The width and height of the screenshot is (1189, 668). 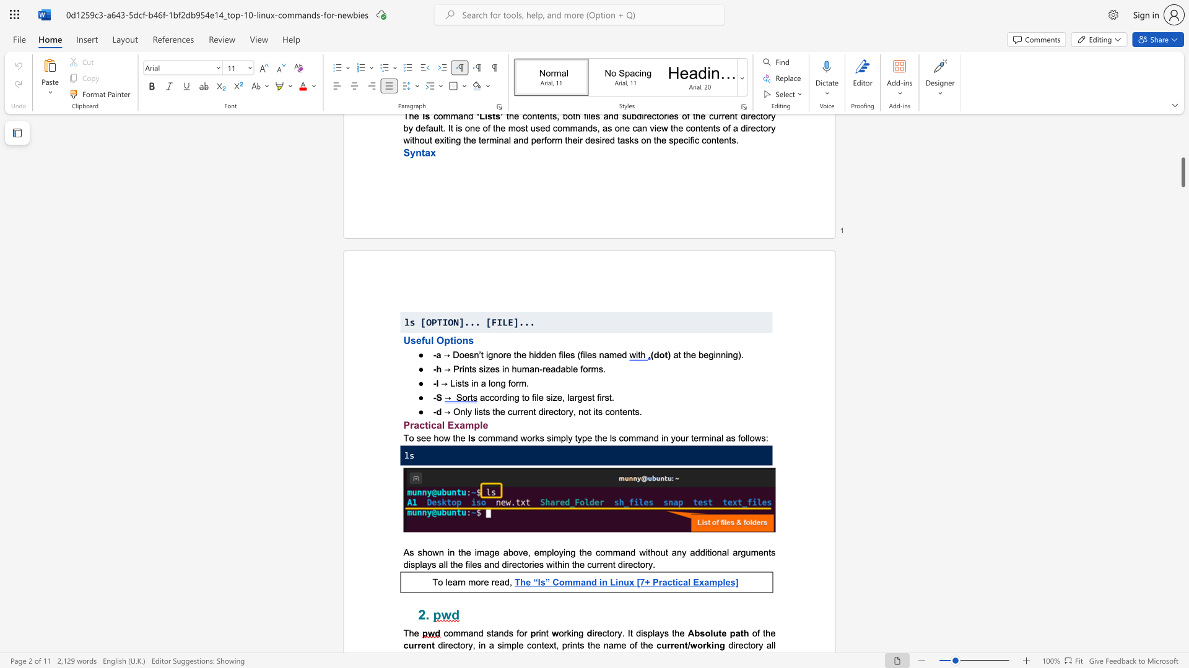 What do you see at coordinates (660, 582) in the screenshot?
I see `the 1th character "r" in the text` at bounding box center [660, 582].